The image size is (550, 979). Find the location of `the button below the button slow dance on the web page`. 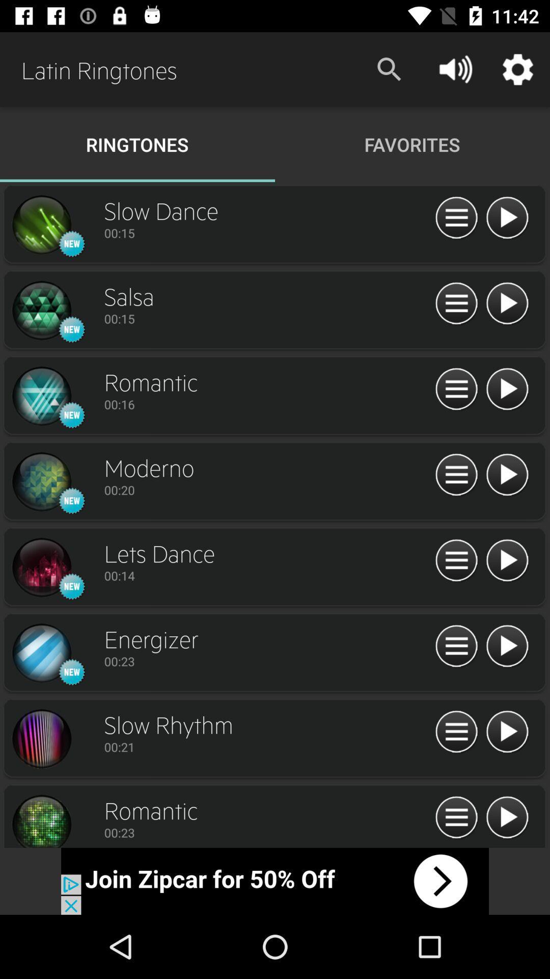

the button below the button slow dance on the web page is located at coordinates (266, 232).